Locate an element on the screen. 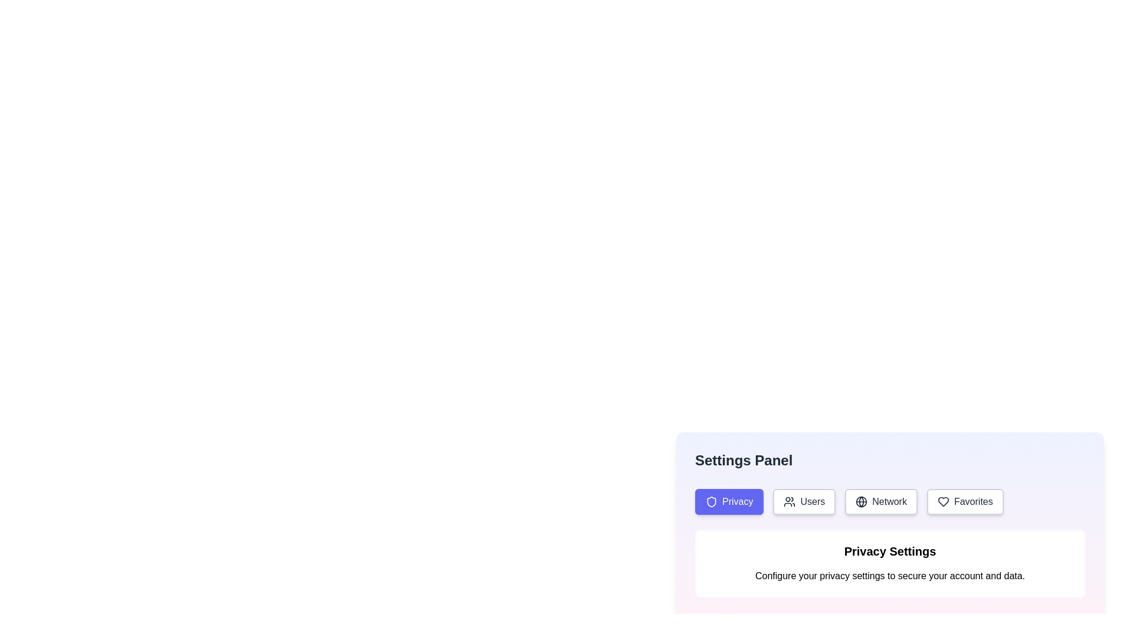 The image size is (1133, 637). the circular globe icon with a black outline representing latitude and longitude, located next to the 'Network' text in the rounded rectangular button is located at coordinates (862, 502).